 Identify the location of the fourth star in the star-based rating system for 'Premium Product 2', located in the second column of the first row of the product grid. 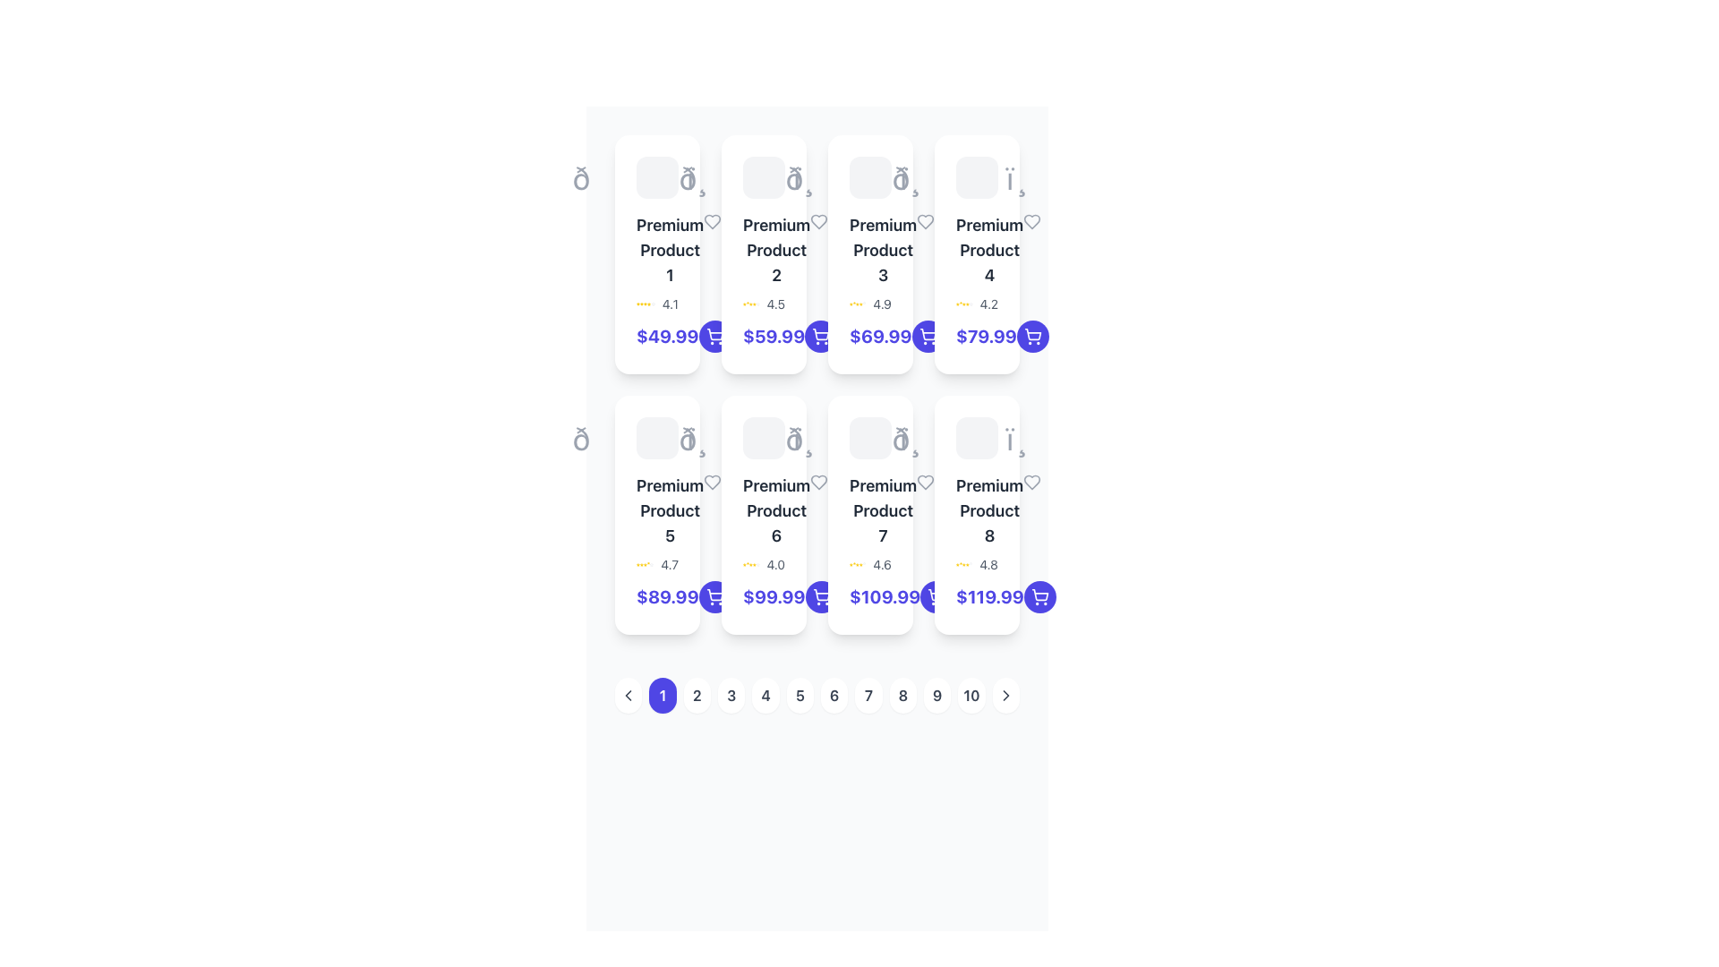
(751, 303).